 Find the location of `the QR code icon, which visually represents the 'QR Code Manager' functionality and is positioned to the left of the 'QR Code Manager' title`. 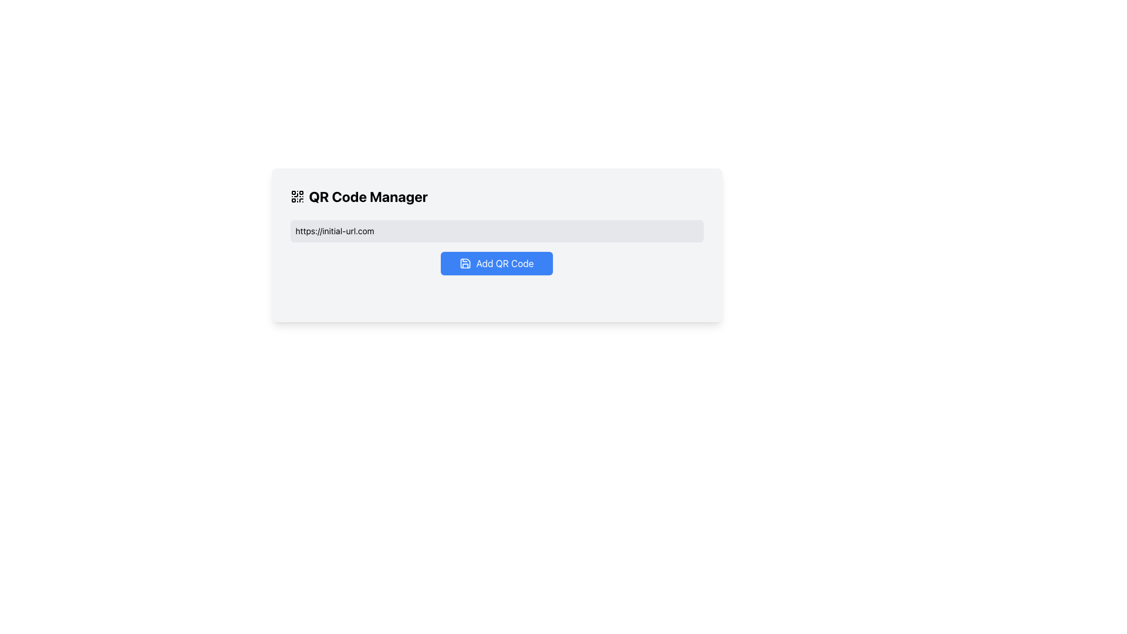

the QR code icon, which visually represents the 'QR Code Manager' functionality and is positioned to the left of the 'QR Code Manager' title is located at coordinates (297, 196).